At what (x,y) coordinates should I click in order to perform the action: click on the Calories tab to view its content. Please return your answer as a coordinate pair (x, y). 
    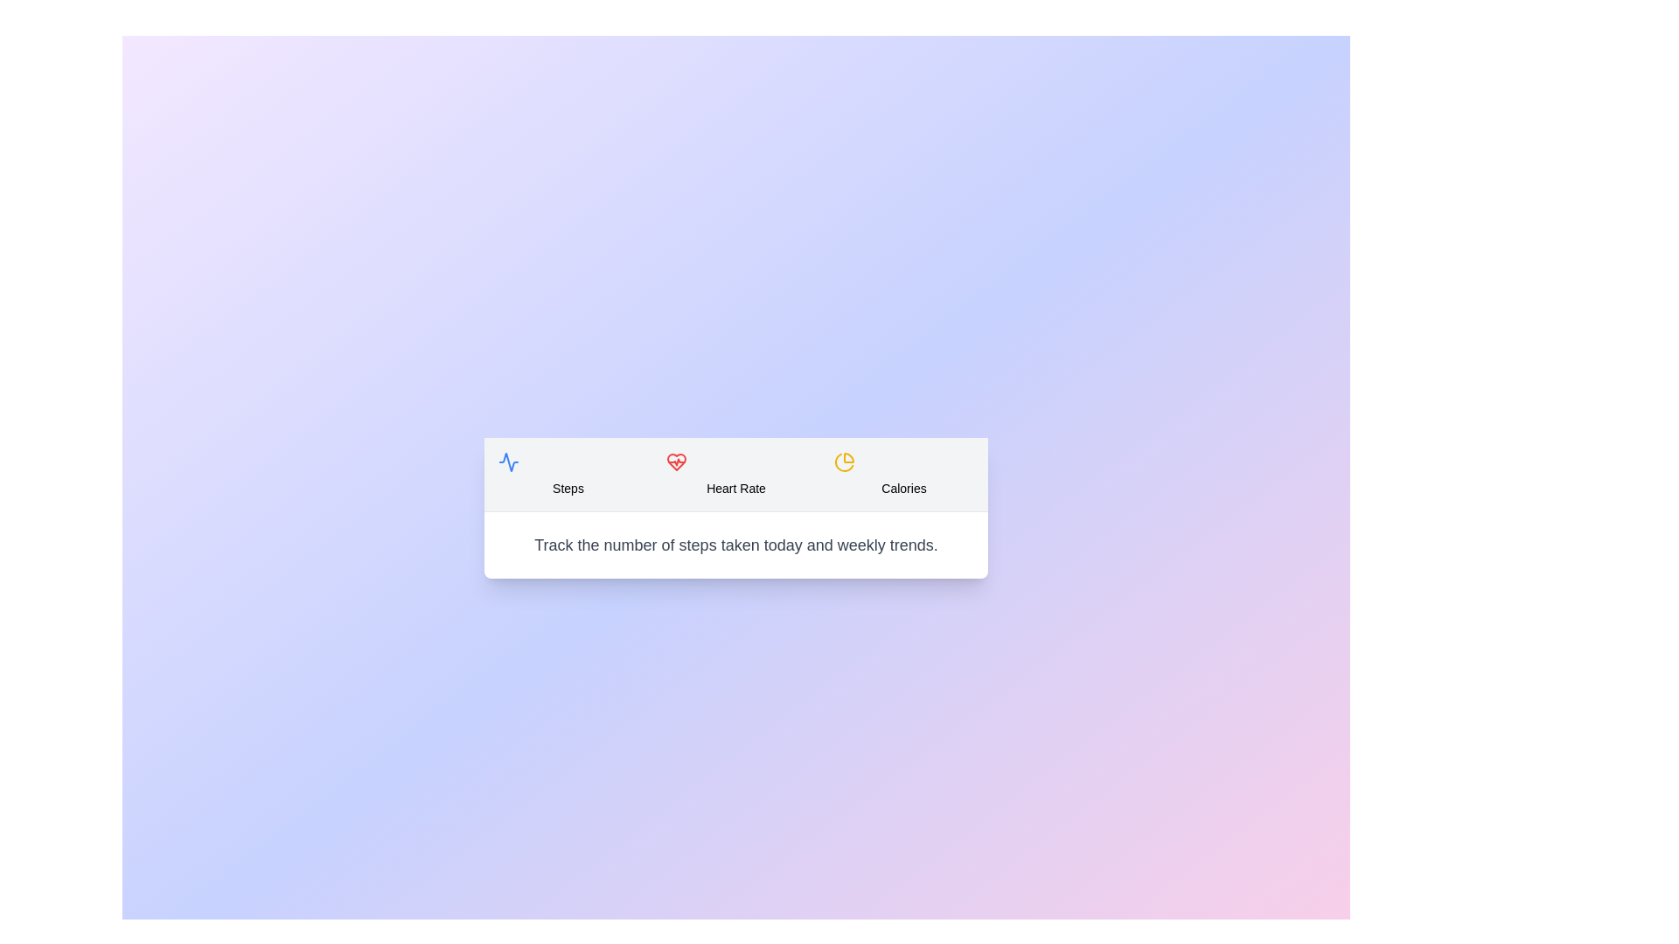
    Looking at the image, I should click on (903, 474).